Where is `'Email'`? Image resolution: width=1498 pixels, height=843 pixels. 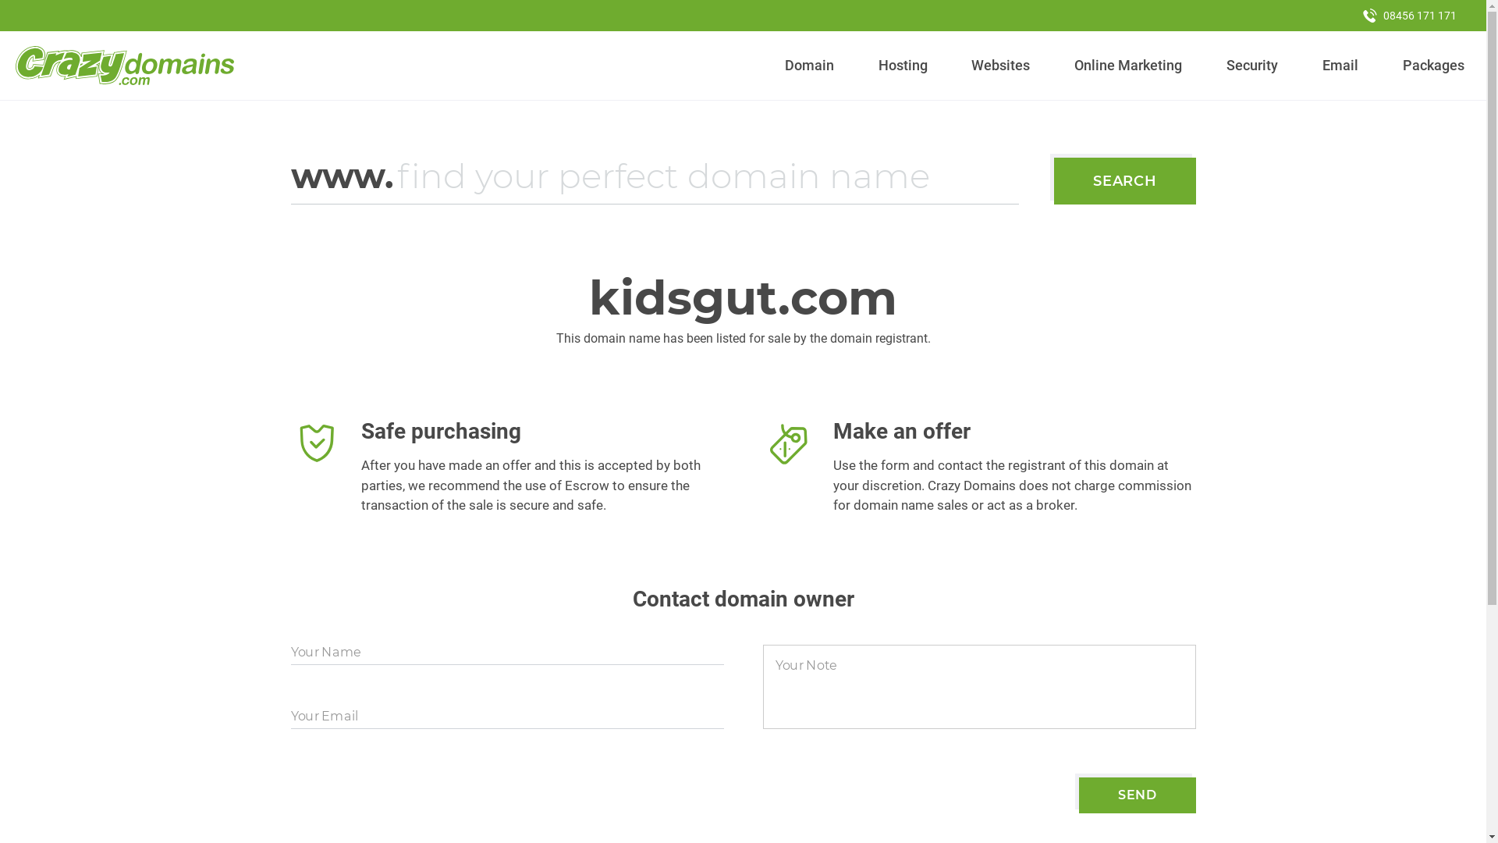
'Email' is located at coordinates (1339, 65).